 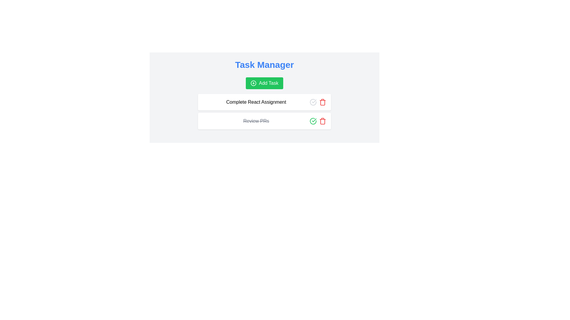 What do you see at coordinates (256, 121) in the screenshot?
I see `the text label displaying the completed task title or description, which is located in the second task item of a vertical task list` at bounding box center [256, 121].